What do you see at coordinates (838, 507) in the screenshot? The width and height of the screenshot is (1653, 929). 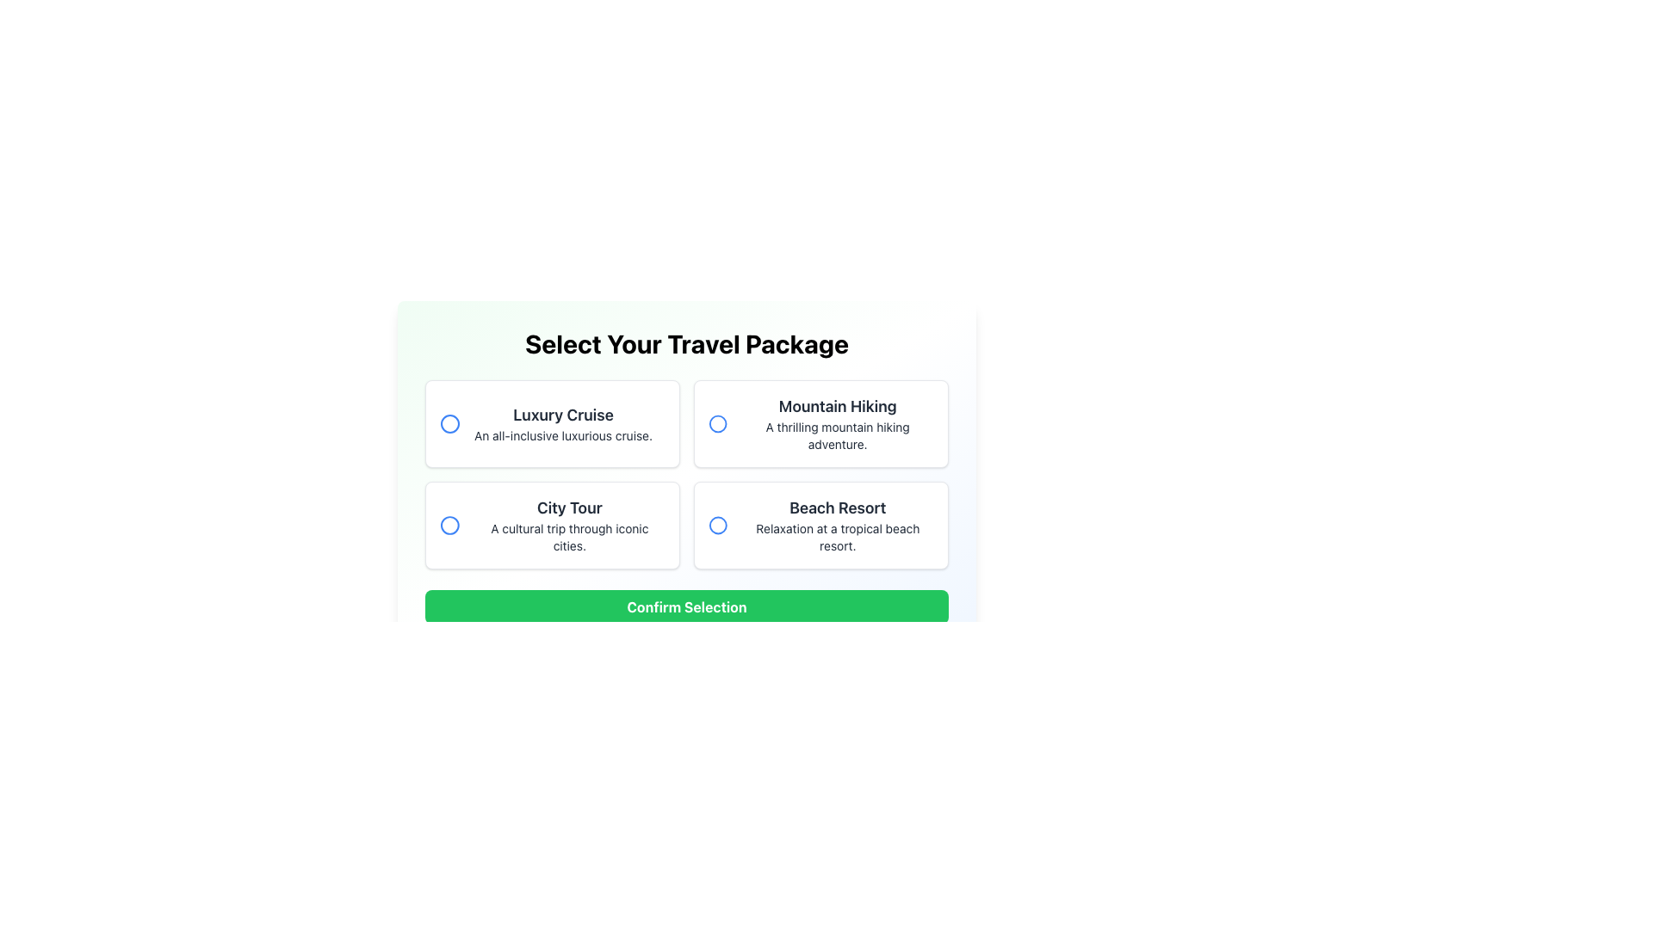 I see `the text label displaying 'Beach Resort', which is the third travel package option located in the lower-right quadrant under 'Select Your Travel Package'` at bounding box center [838, 507].